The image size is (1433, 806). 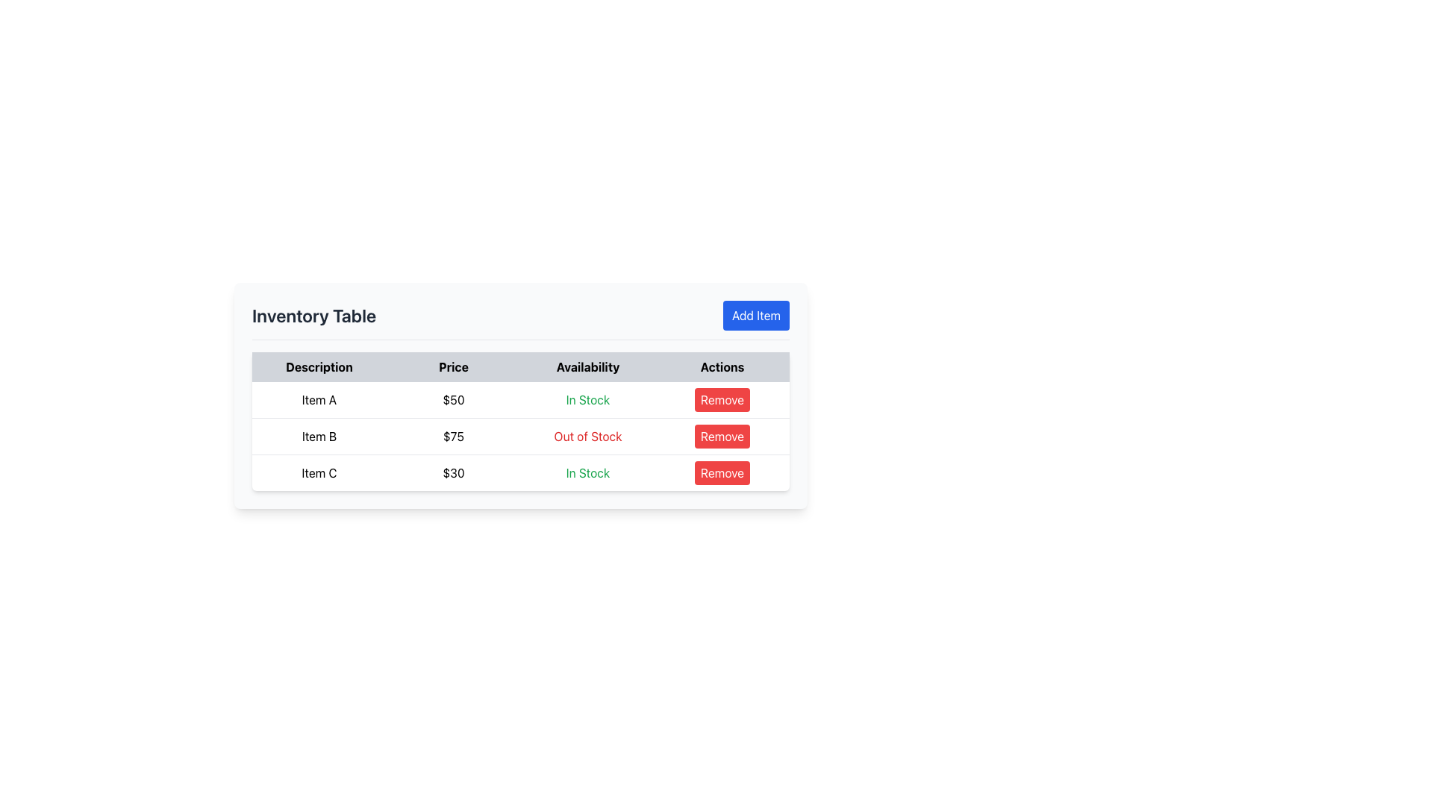 What do you see at coordinates (722, 437) in the screenshot?
I see `the button in the 'Actions' column for 'Item B' to trigger the hover effect` at bounding box center [722, 437].